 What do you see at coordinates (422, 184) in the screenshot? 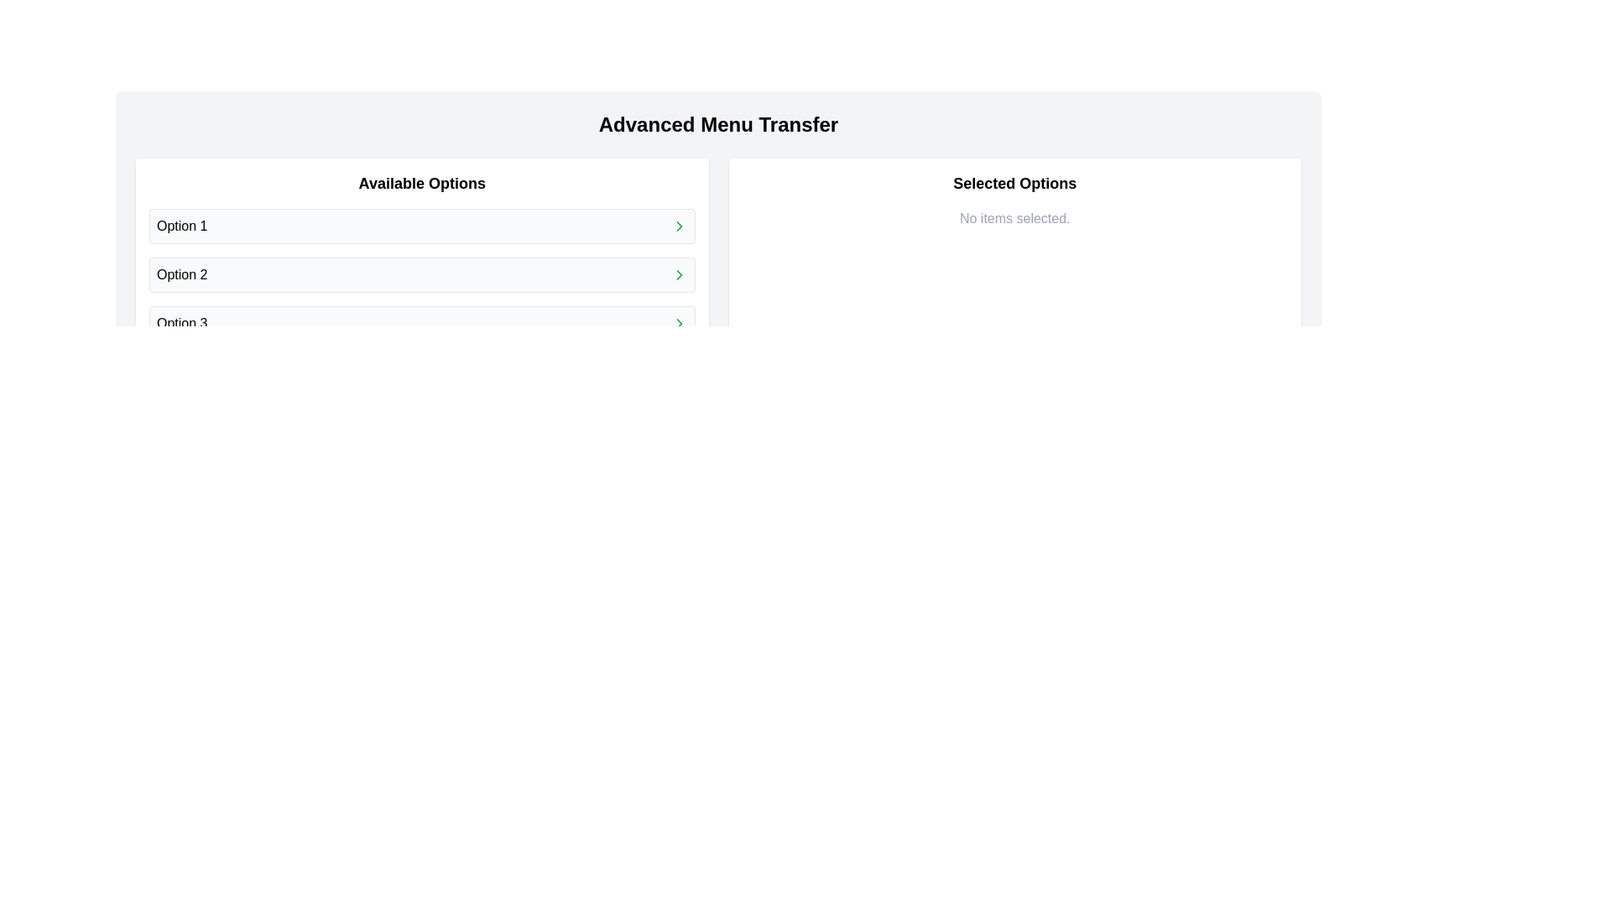
I see `the static text label at the top of the white, rounded, shadowed panel that introduces the section below it` at bounding box center [422, 184].